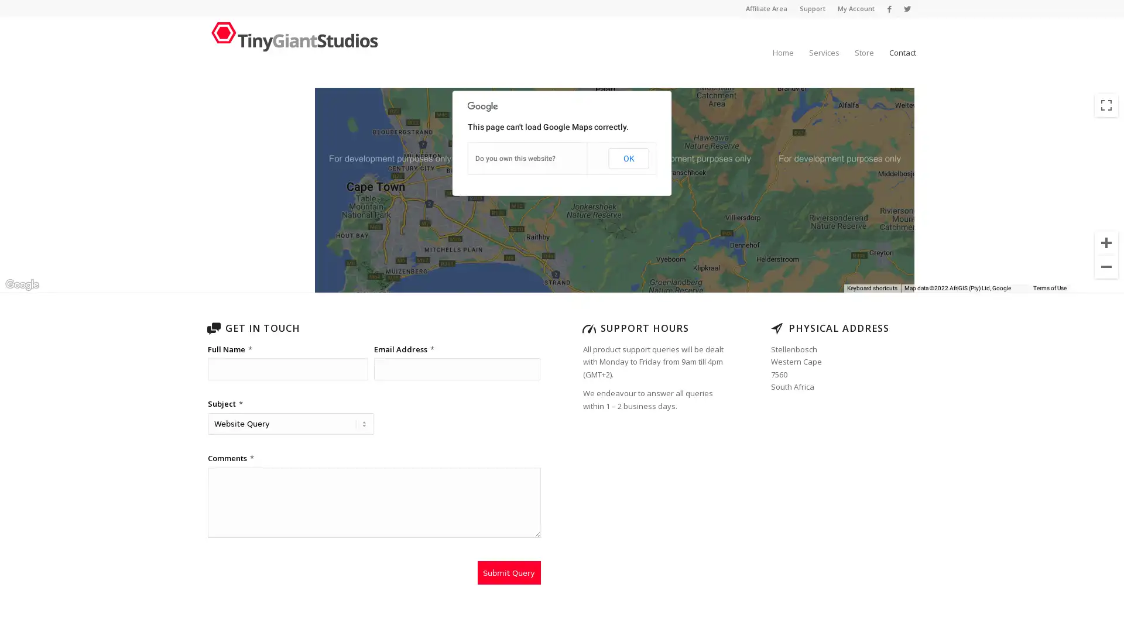  Describe the element at coordinates (1106, 105) in the screenshot. I see `Toggle fullscreen view` at that location.